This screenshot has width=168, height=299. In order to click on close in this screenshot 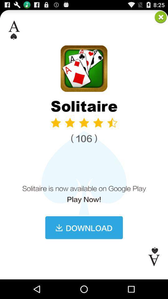, I will do `click(161, 17)`.